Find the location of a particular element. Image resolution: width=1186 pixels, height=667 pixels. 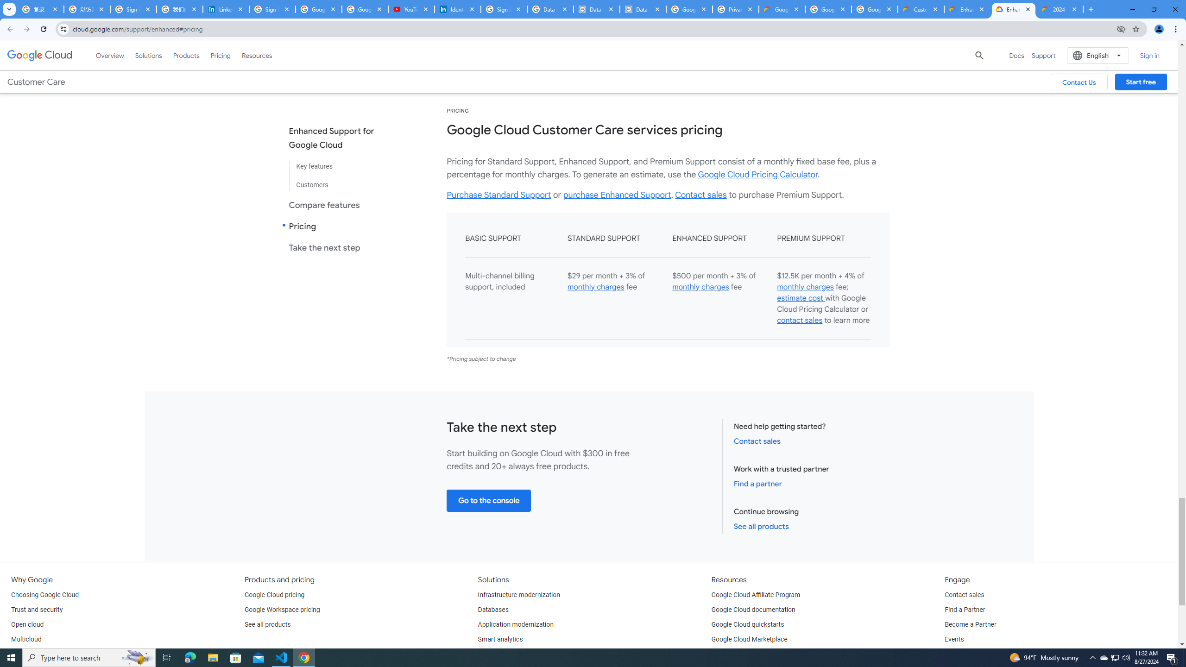

'Data Privacy Framework' is located at coordinates (596, 9).